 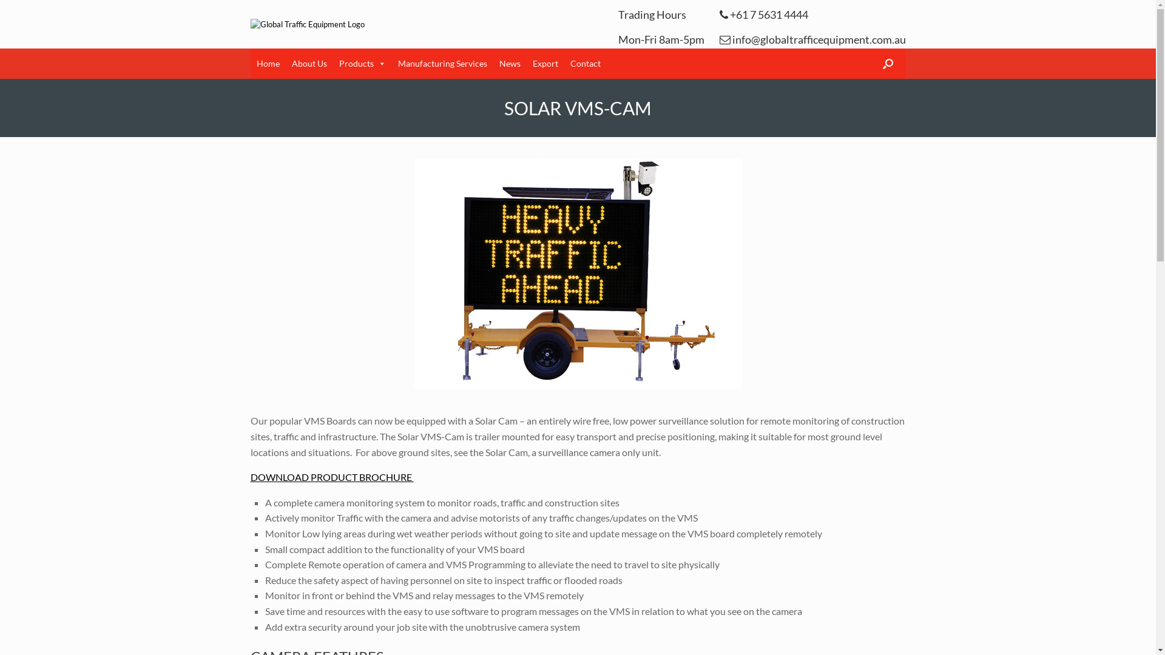 I want to click on 'DOWNLOAD PRODUCT BROCHURE ', so click(x=331, y=476).